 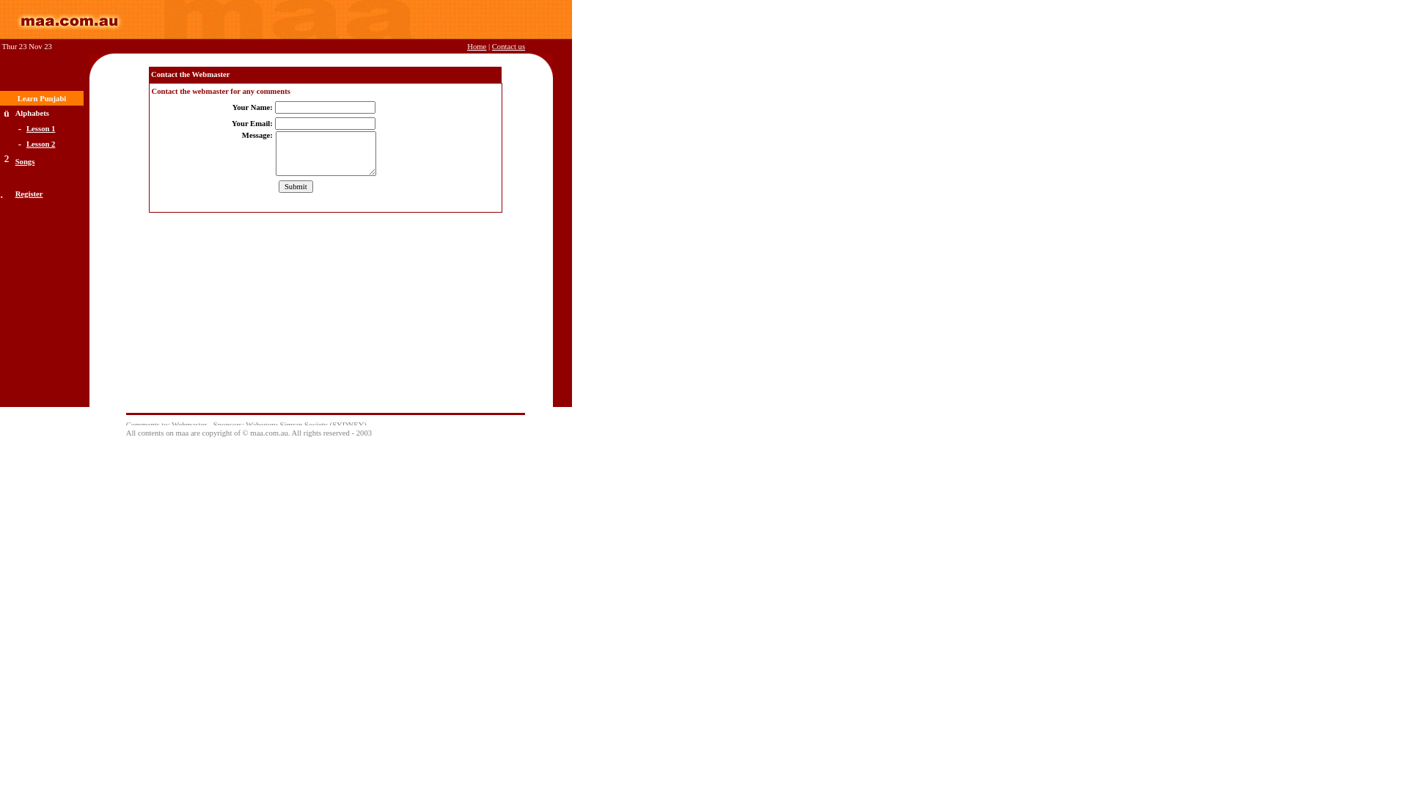 What do you see at coordinates (188, 425) in the screenshot?
I see `'Webmaster'` at bounding box center [188, 425].